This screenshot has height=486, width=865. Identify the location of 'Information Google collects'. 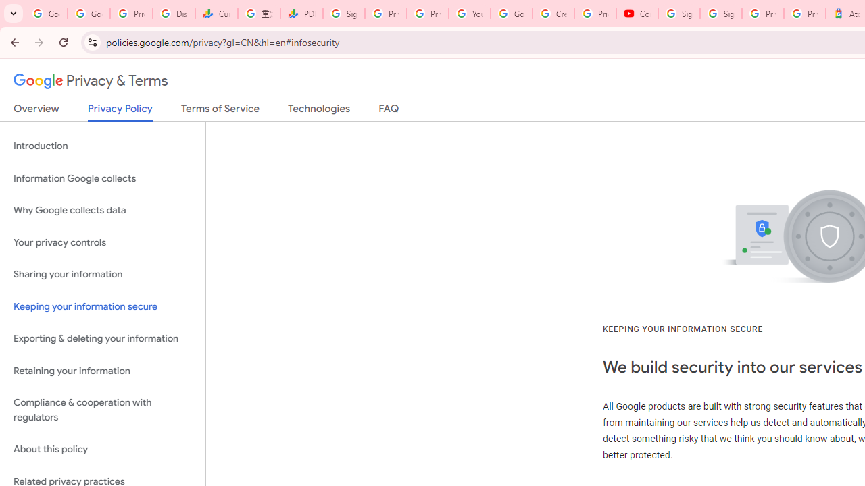
(102, 178).